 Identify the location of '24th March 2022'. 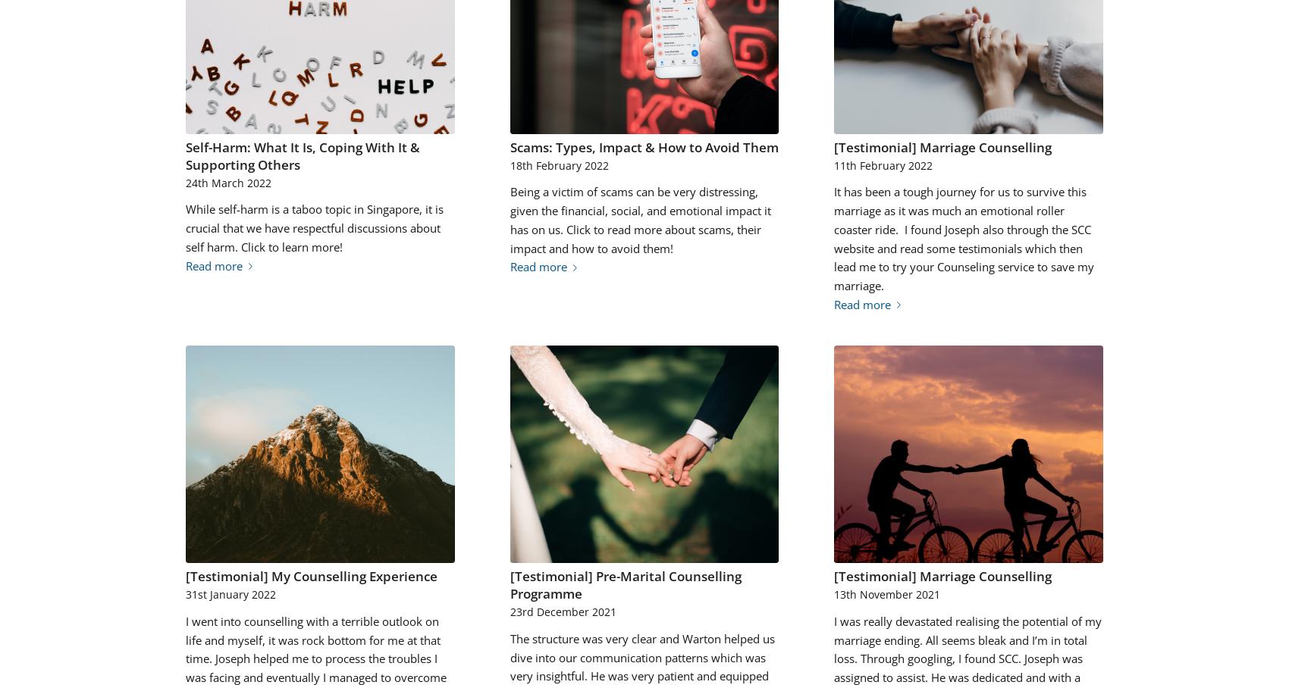
(228, 182).